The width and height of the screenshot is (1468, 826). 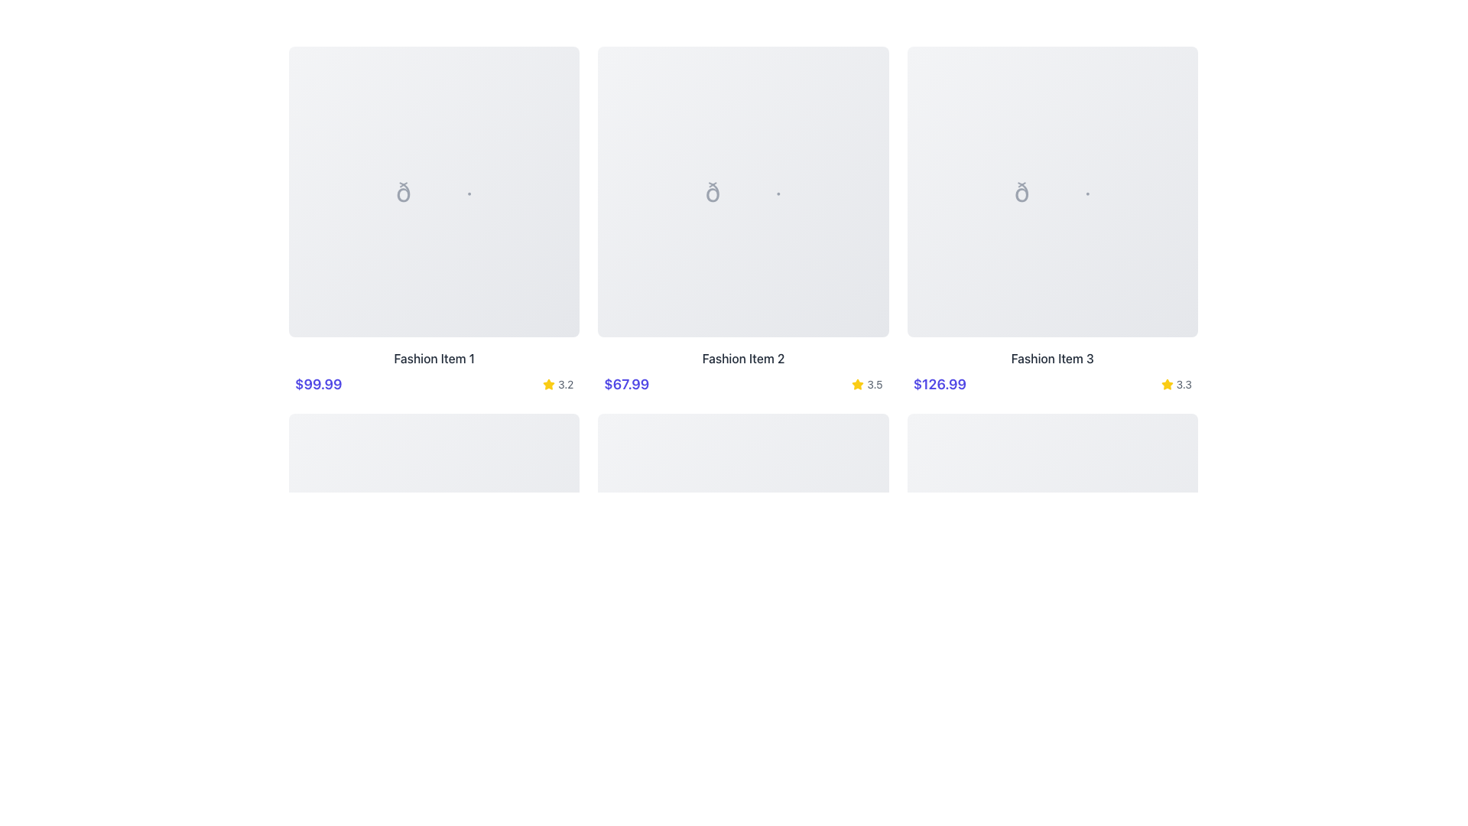 I want to click on the rating icon for 'Fashion Item 3', located to the left of the number '3.3' in the third product entry row, so click(x=1166, y=384).